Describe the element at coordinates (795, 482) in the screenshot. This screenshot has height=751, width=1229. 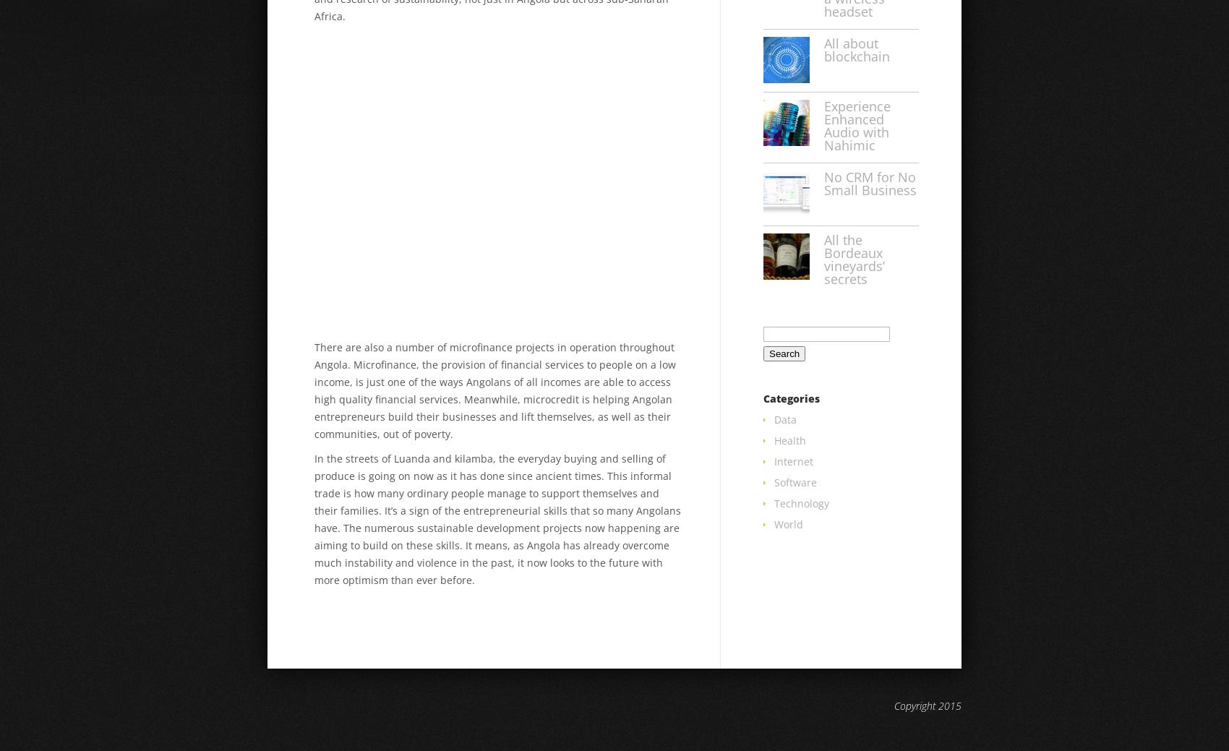
I see `'Software'` at that location.